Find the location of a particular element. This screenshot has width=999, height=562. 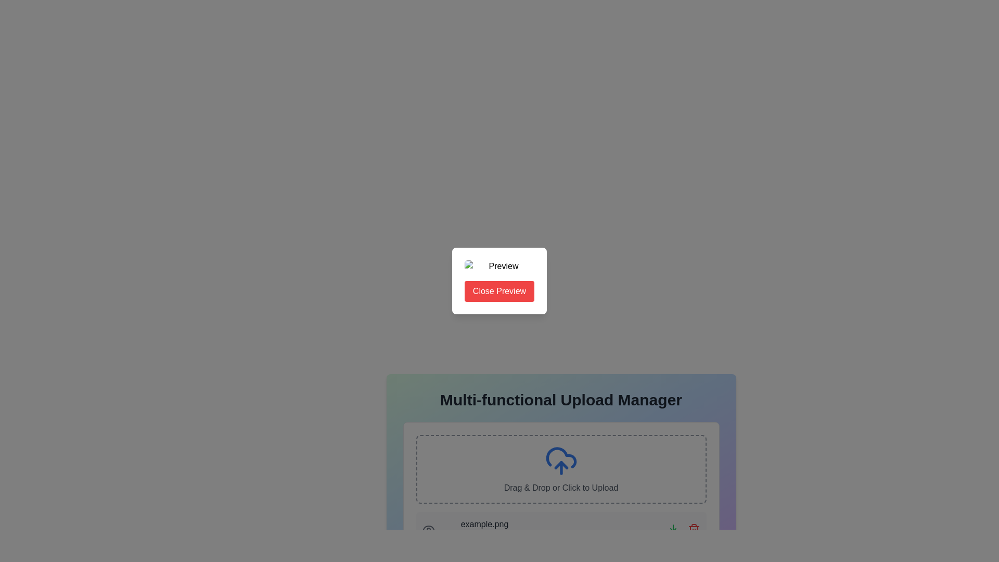

and drop files onto the File upload box located centrally beneath the 'Multi-functional Upload Manager' header is located at coordinates (560, 445).